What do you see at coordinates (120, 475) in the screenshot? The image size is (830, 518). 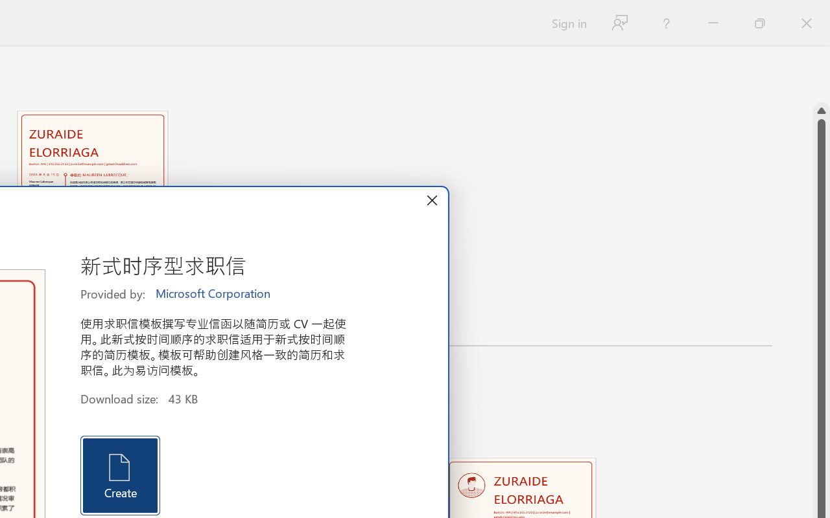 I see `'Create'` at bounding box center [120, 475].